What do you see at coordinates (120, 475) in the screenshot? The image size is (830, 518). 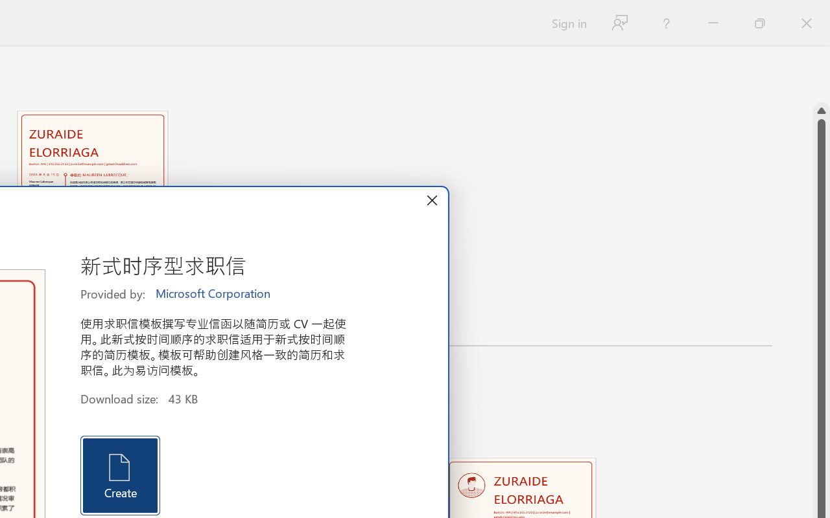 I see `'Create'` at bounding box center [120, 475].